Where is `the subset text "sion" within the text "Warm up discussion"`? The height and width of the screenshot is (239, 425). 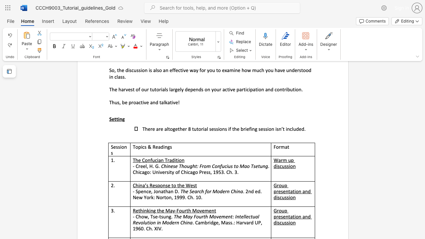
the subset text "sion" within the text "Warm up discussion" is located at coordinates (287, 166).